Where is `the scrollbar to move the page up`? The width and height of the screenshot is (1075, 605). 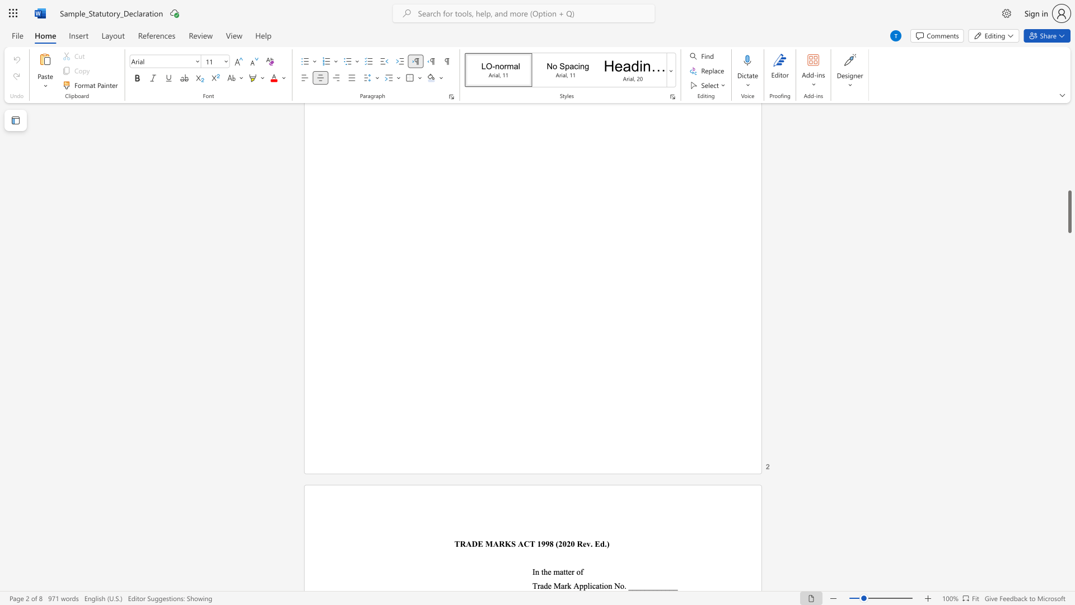 the scrollbar to move the page up is located at coordinates (1069, 145).